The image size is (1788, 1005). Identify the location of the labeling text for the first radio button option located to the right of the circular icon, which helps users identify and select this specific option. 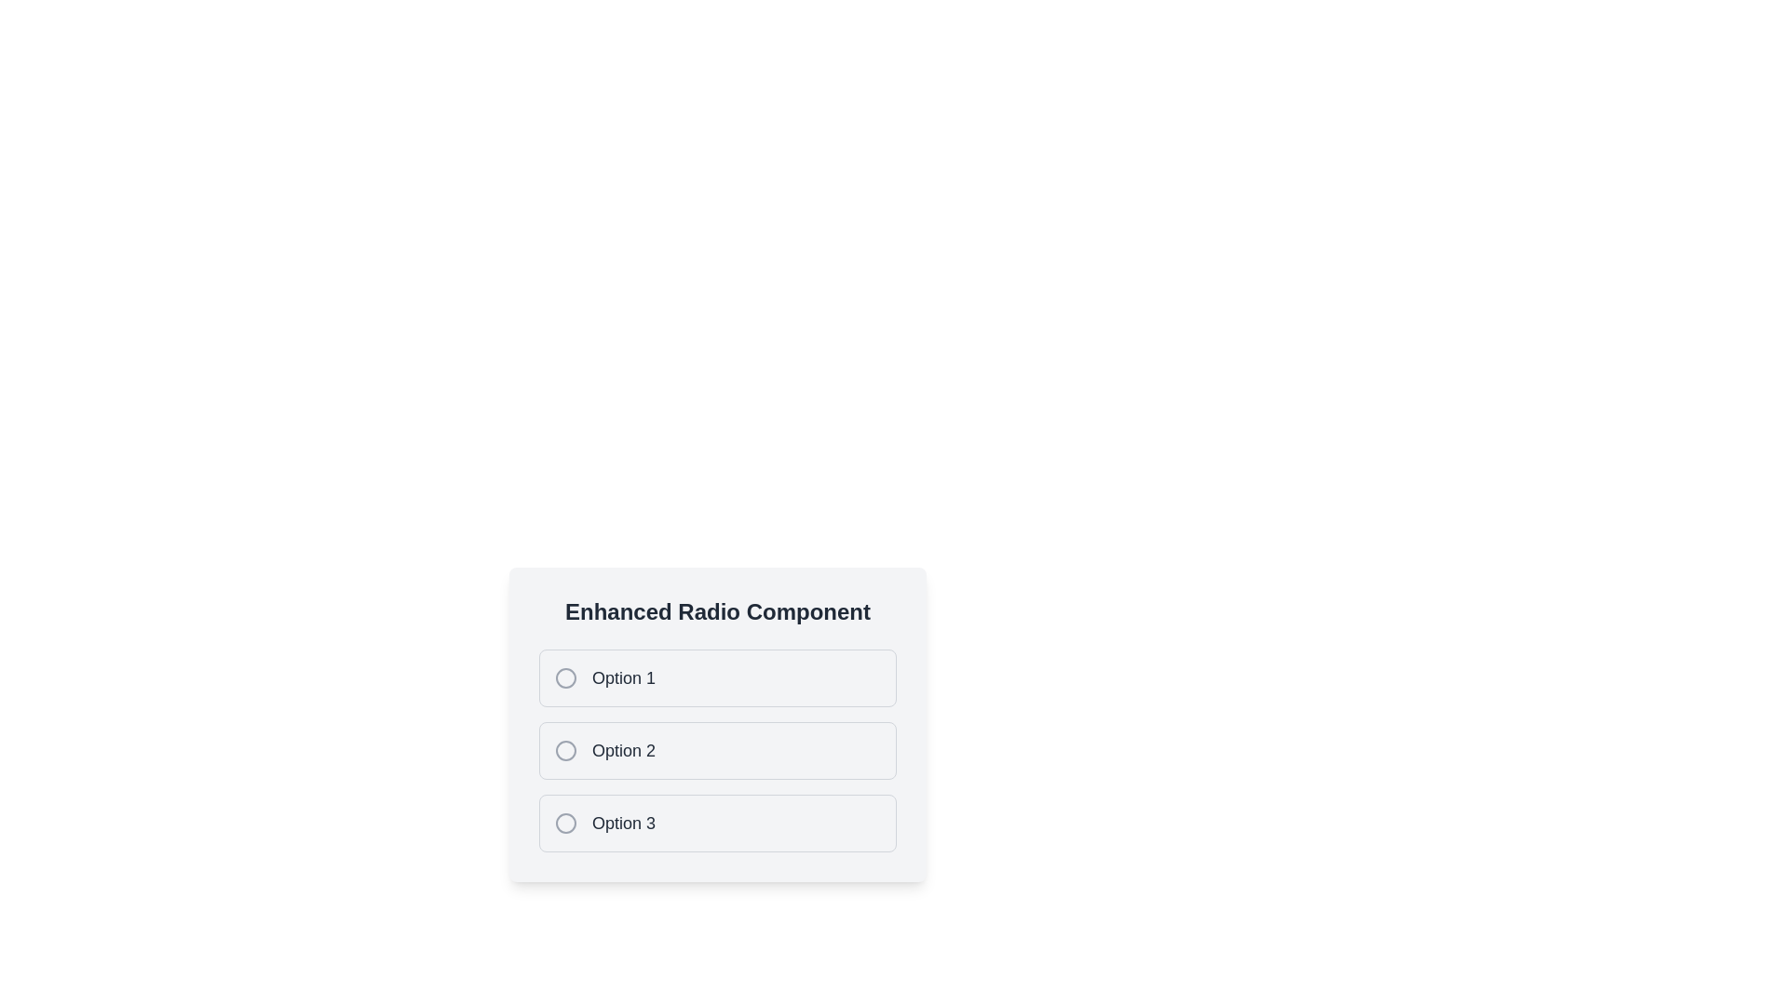
(624, 678).